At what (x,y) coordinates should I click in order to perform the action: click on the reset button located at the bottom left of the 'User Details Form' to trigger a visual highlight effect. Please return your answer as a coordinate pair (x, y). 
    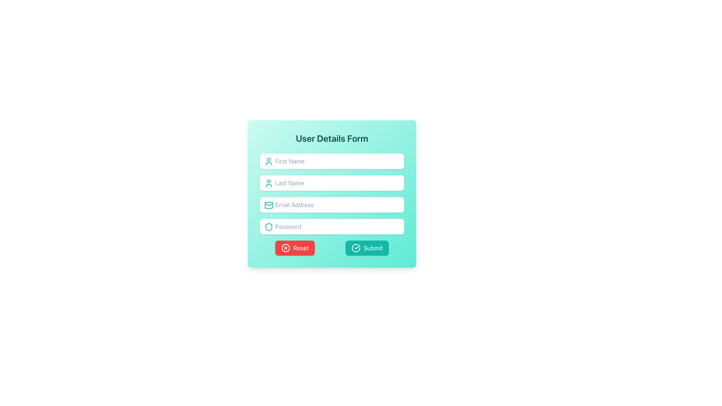
    Looking at the image, I should click on (294, 248).